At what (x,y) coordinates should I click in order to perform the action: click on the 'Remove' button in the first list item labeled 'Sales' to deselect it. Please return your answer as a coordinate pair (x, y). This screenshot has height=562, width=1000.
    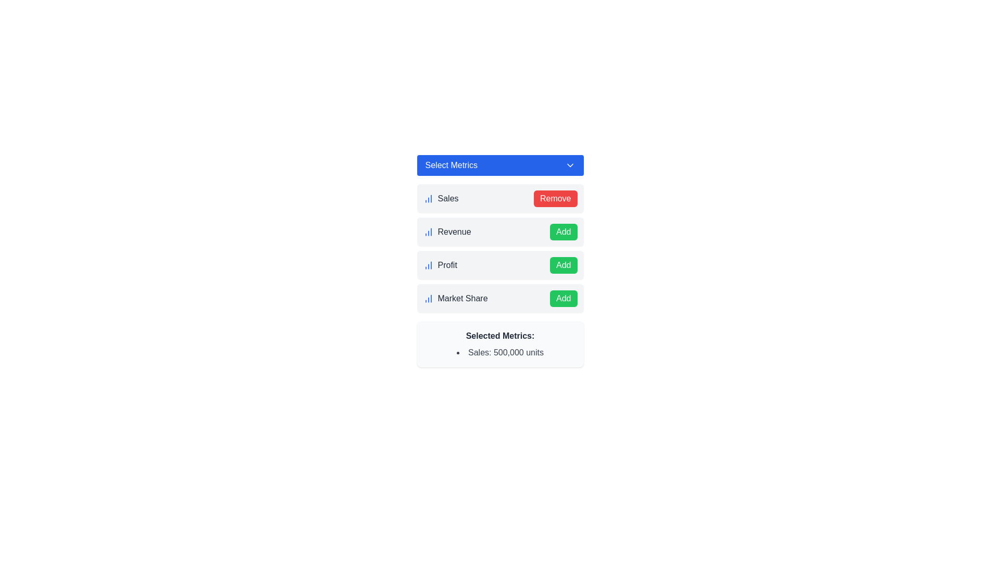
    Looking at the image, I should click on (500, 198).